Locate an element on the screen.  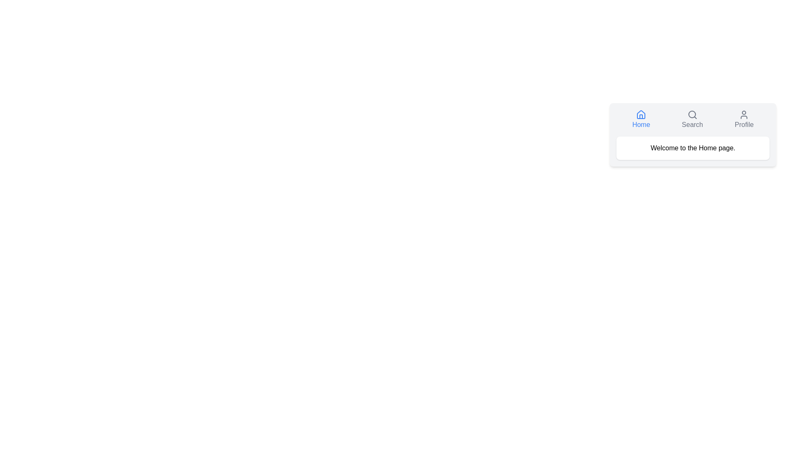
the decorative circular lens portion of the search icon located at the center of the navigation bar between the house icon and the user profile icon is located at coordinates (692, 114).